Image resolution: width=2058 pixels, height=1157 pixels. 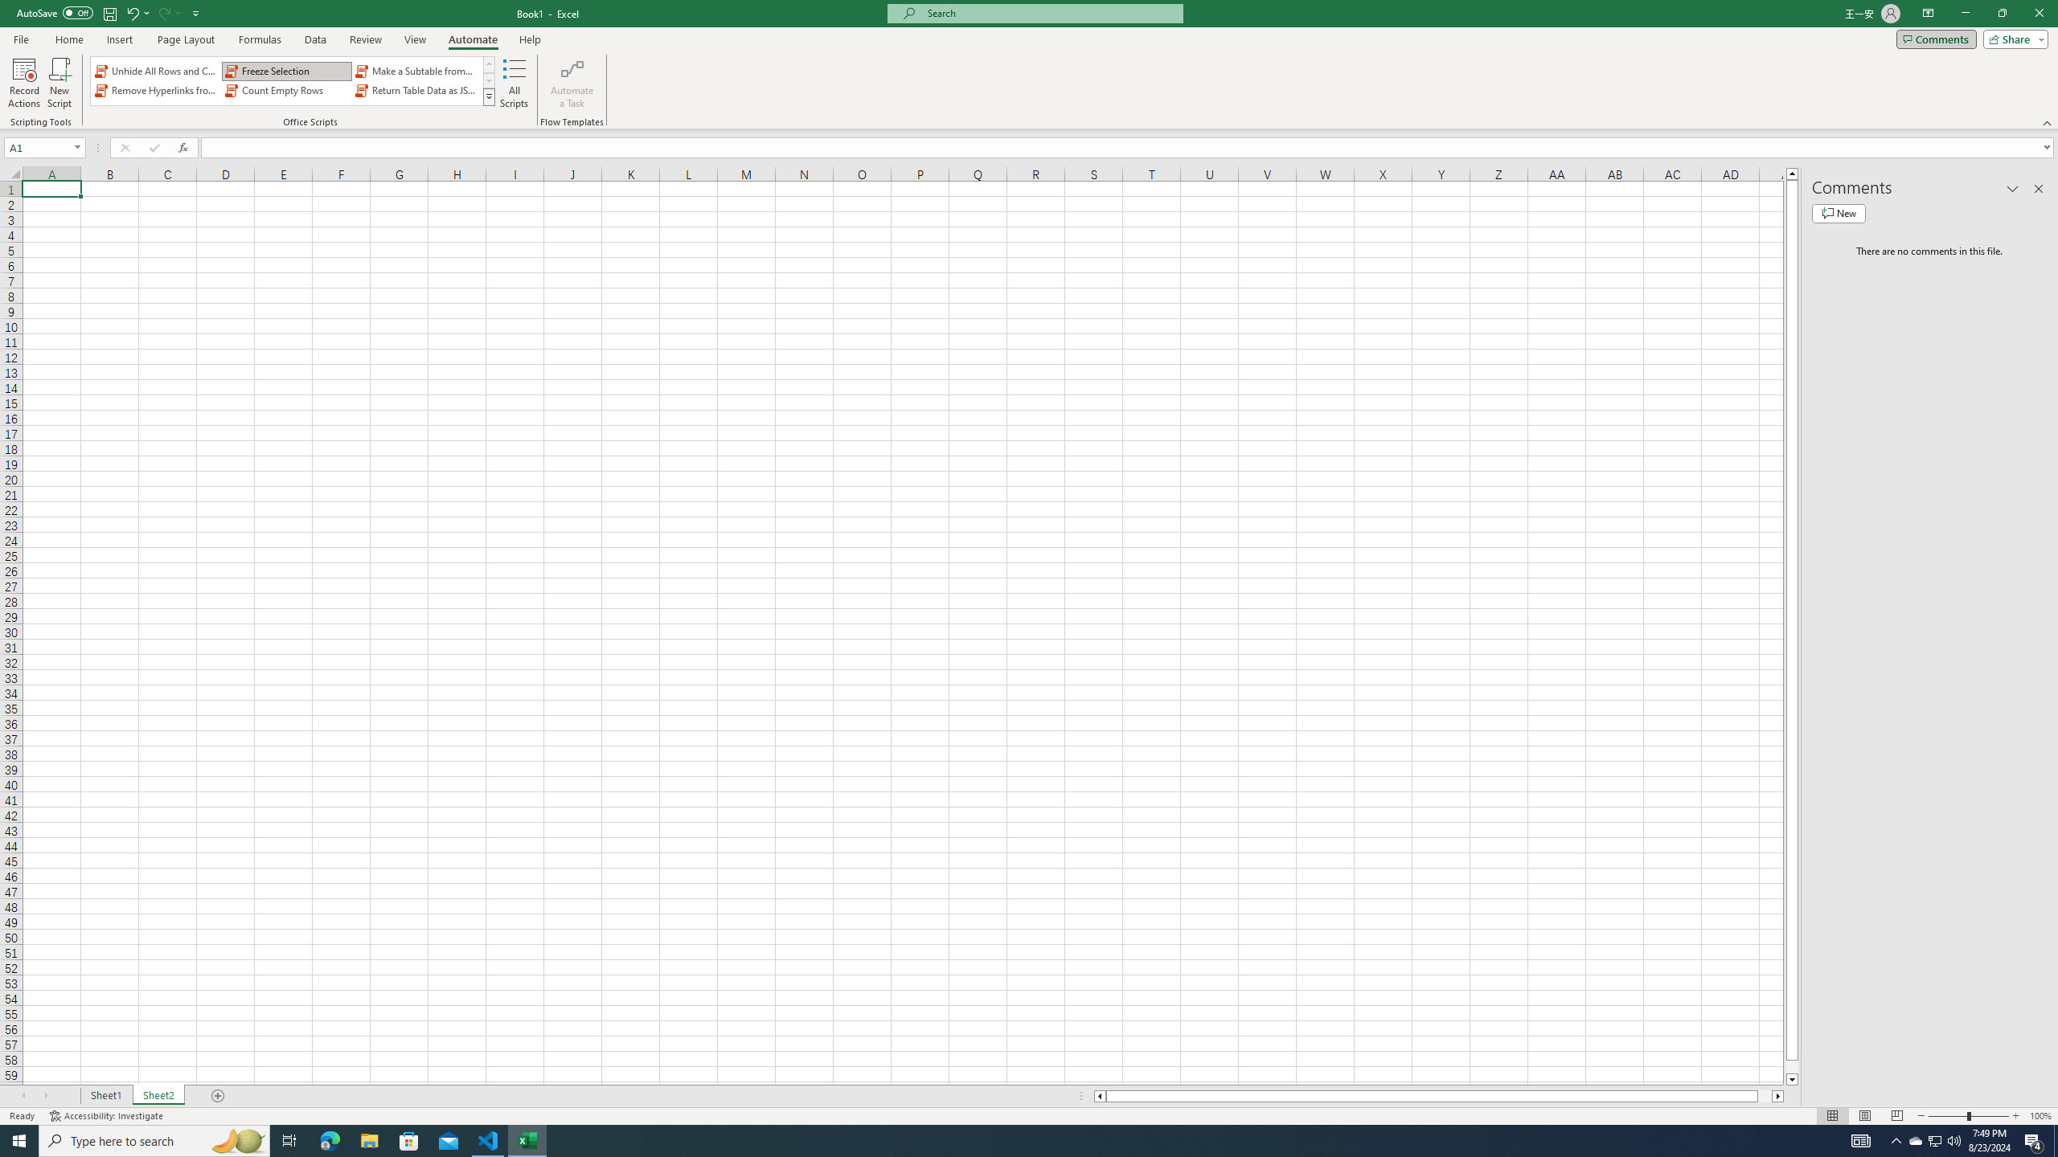 What do you see at coordinates (488, 96) in the screenshot?
I see `'Class: NetUIImage'` at bounding box center [488, 96].